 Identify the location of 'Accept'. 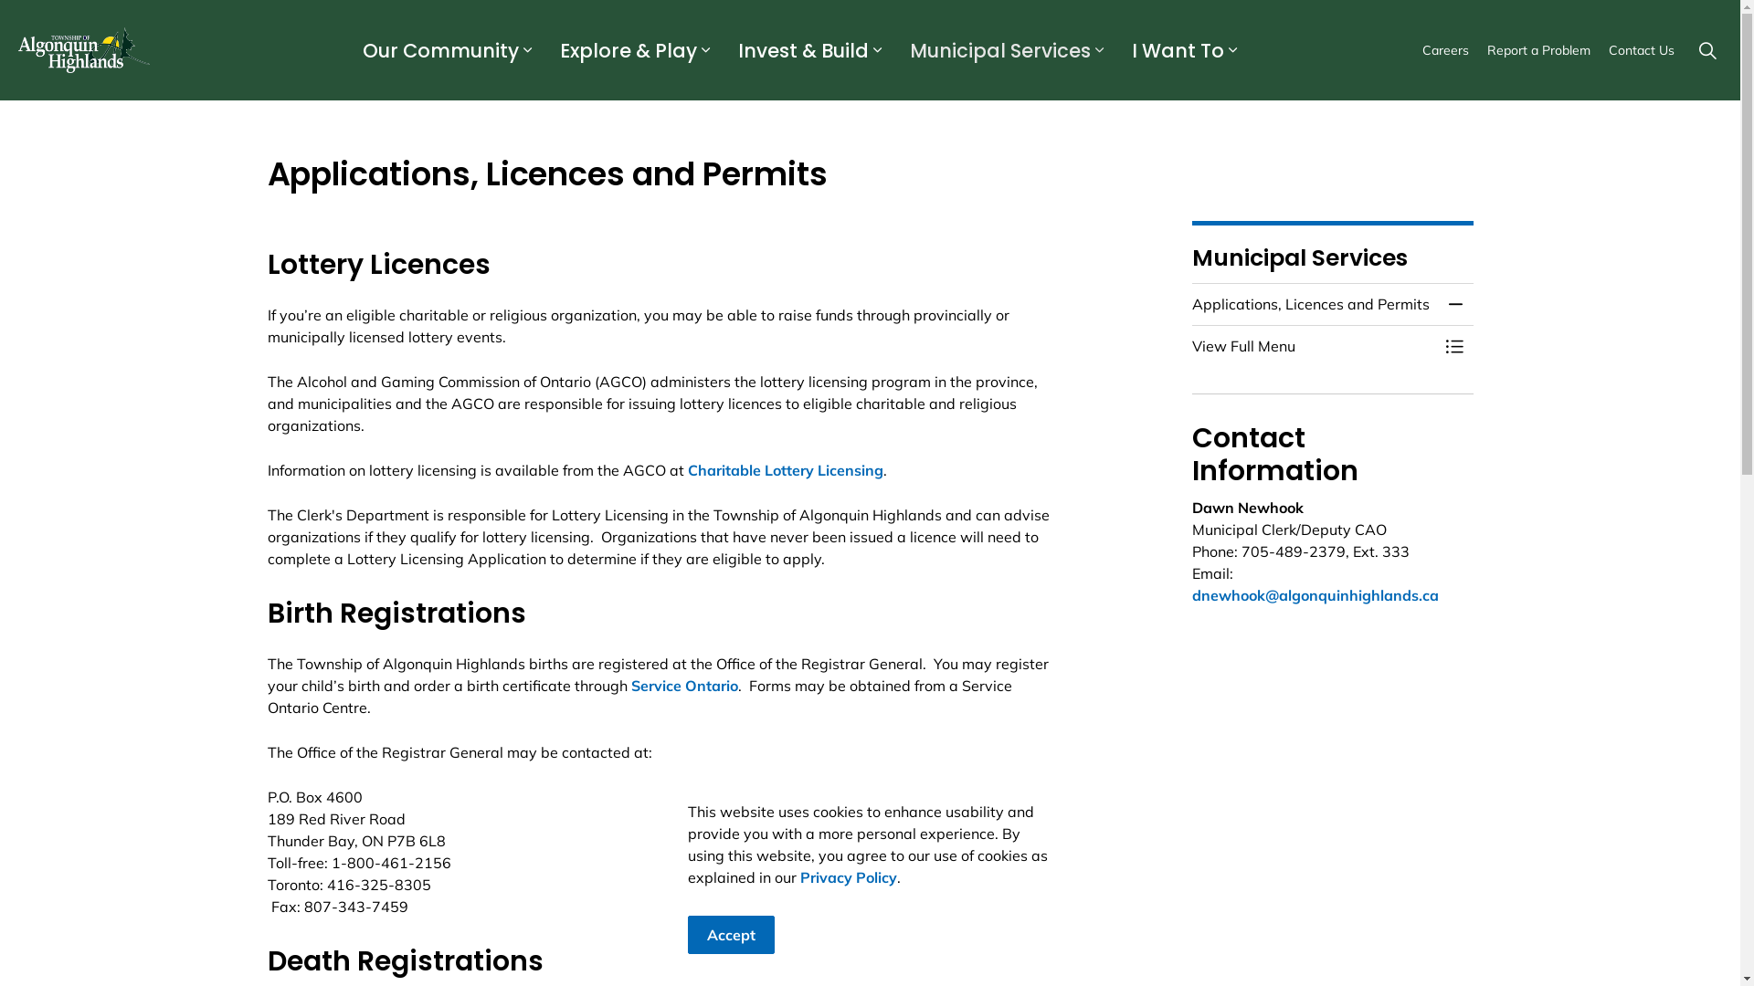
(686, 934).